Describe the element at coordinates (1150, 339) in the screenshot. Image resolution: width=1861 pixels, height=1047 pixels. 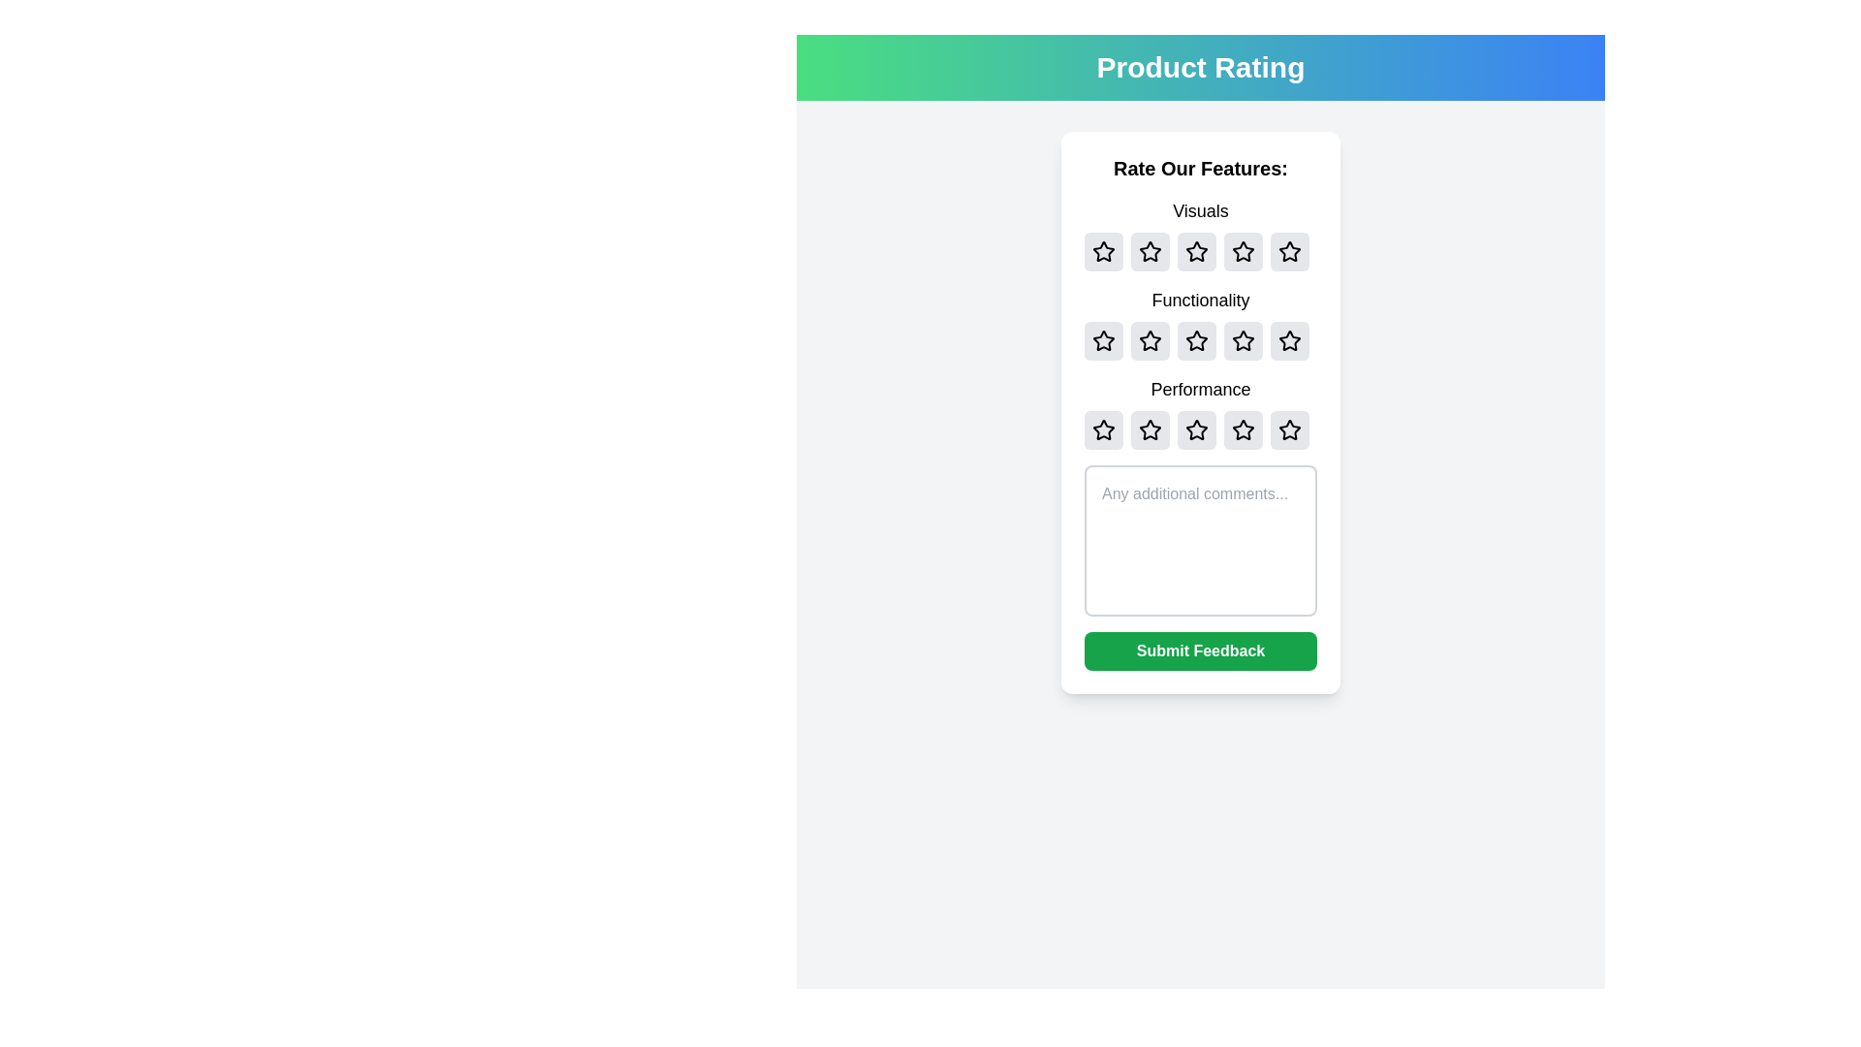
I see `the second star in the rating scale under the 'Functionality' label` at that location.